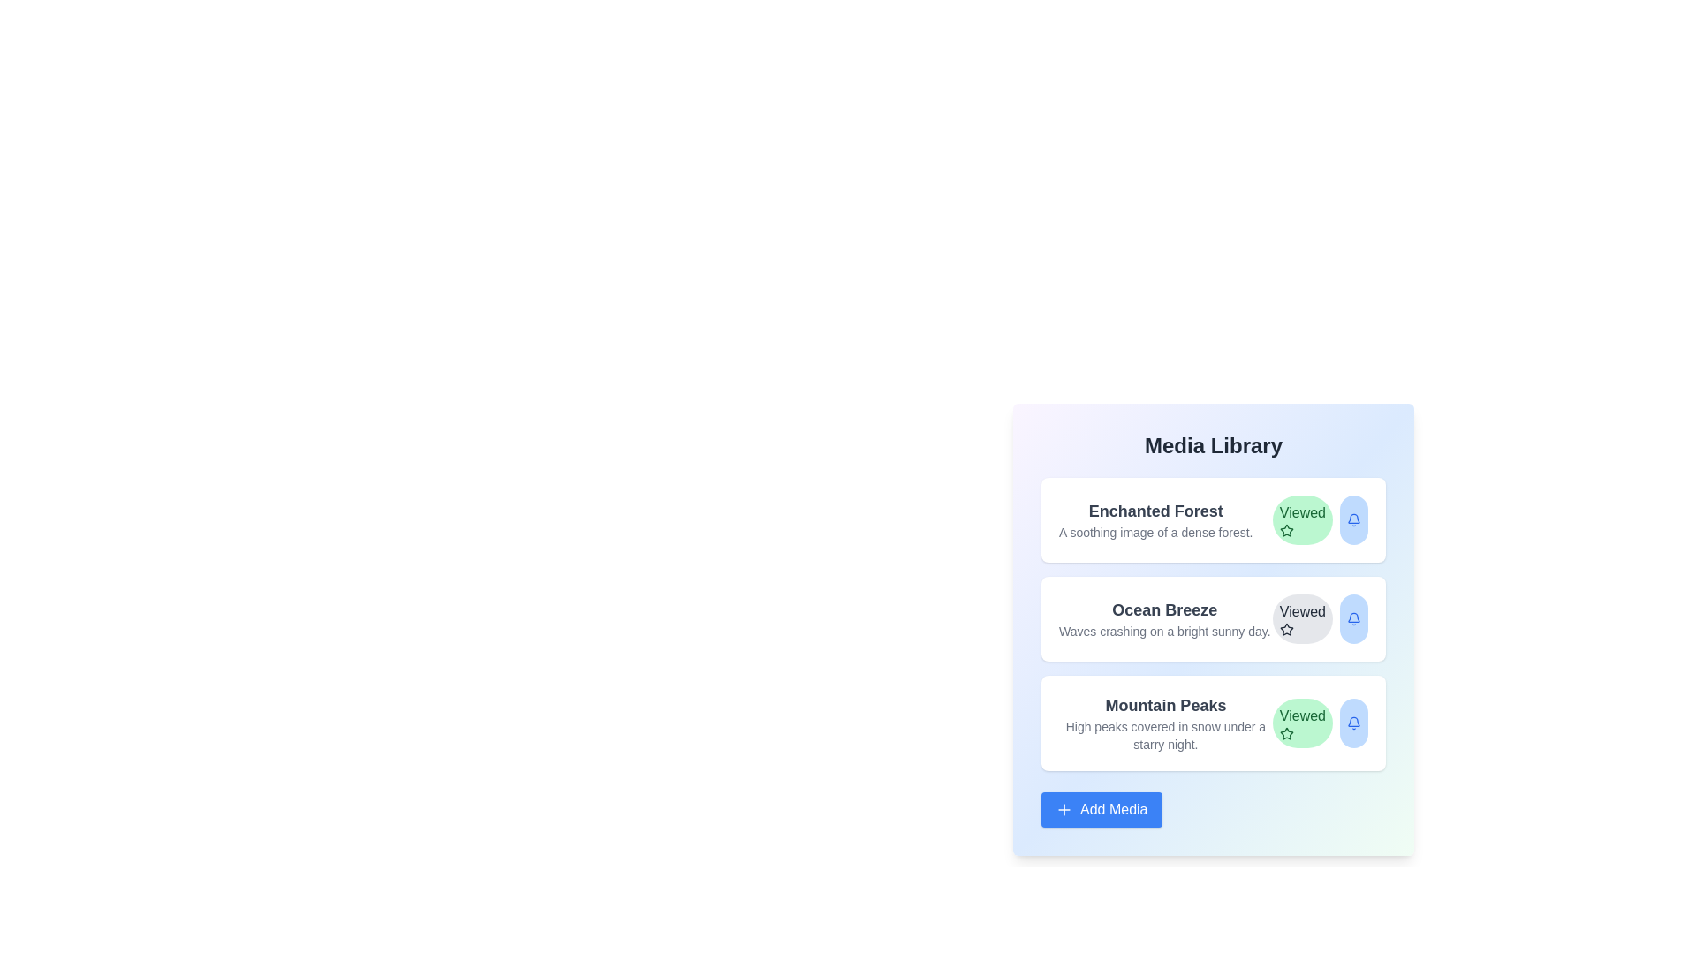  I want to click on 'Viewed' button for the media item titled Ocean Breeze, so click(1302, 618).